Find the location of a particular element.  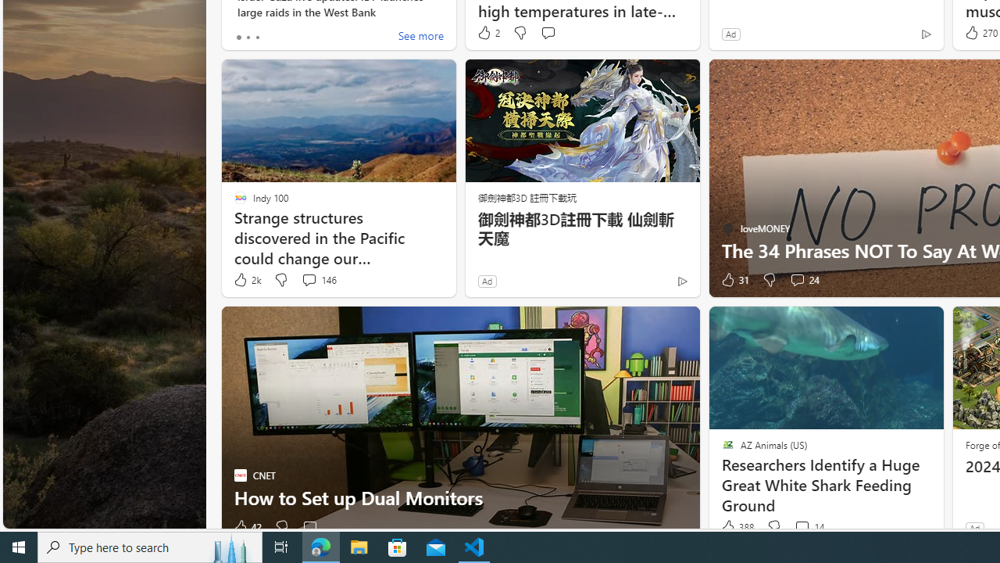

'View comments 146 Comment' is located at coordinates (318, 279).